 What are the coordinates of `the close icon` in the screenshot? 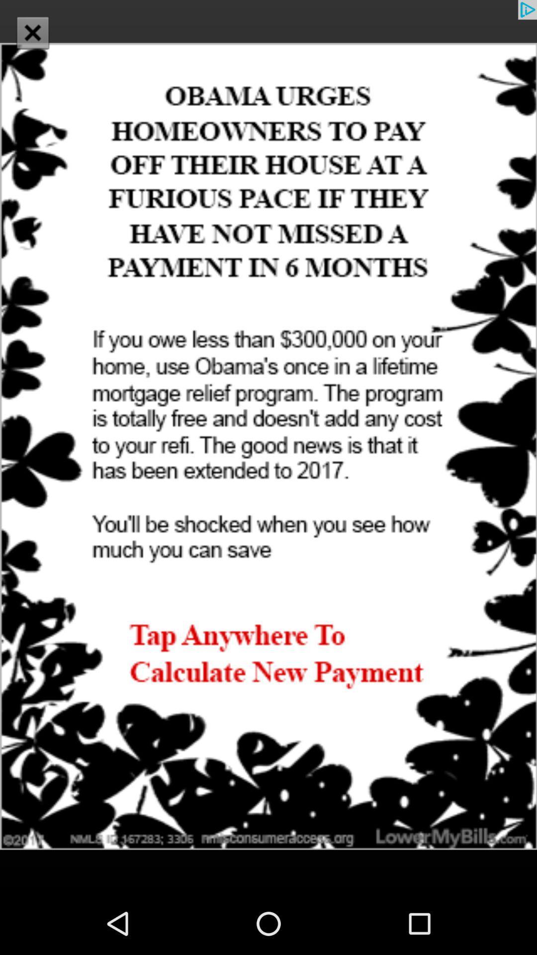 It's located at (32, 35).